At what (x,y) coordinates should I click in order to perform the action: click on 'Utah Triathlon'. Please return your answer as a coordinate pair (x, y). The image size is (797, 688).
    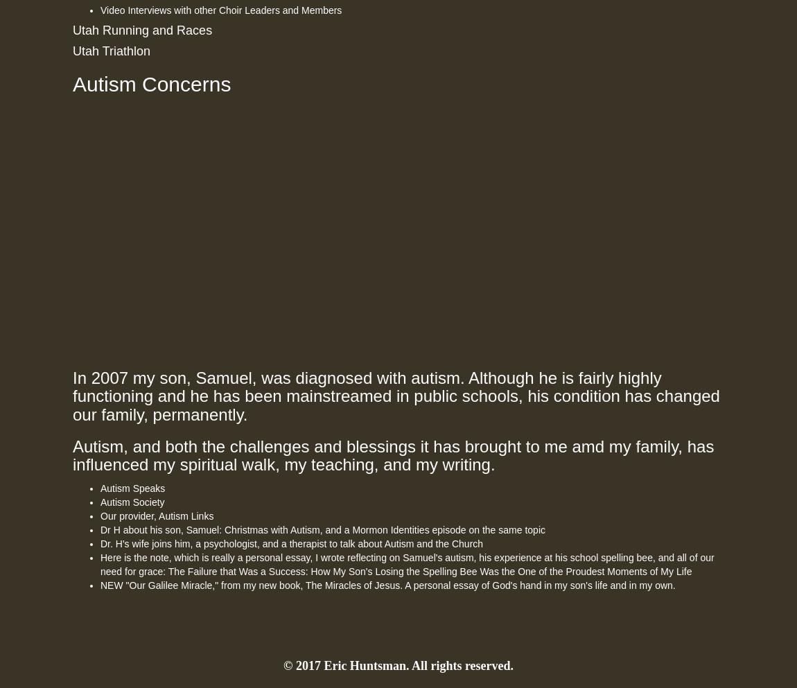
    Looking at the image, I should click on (111, 51).